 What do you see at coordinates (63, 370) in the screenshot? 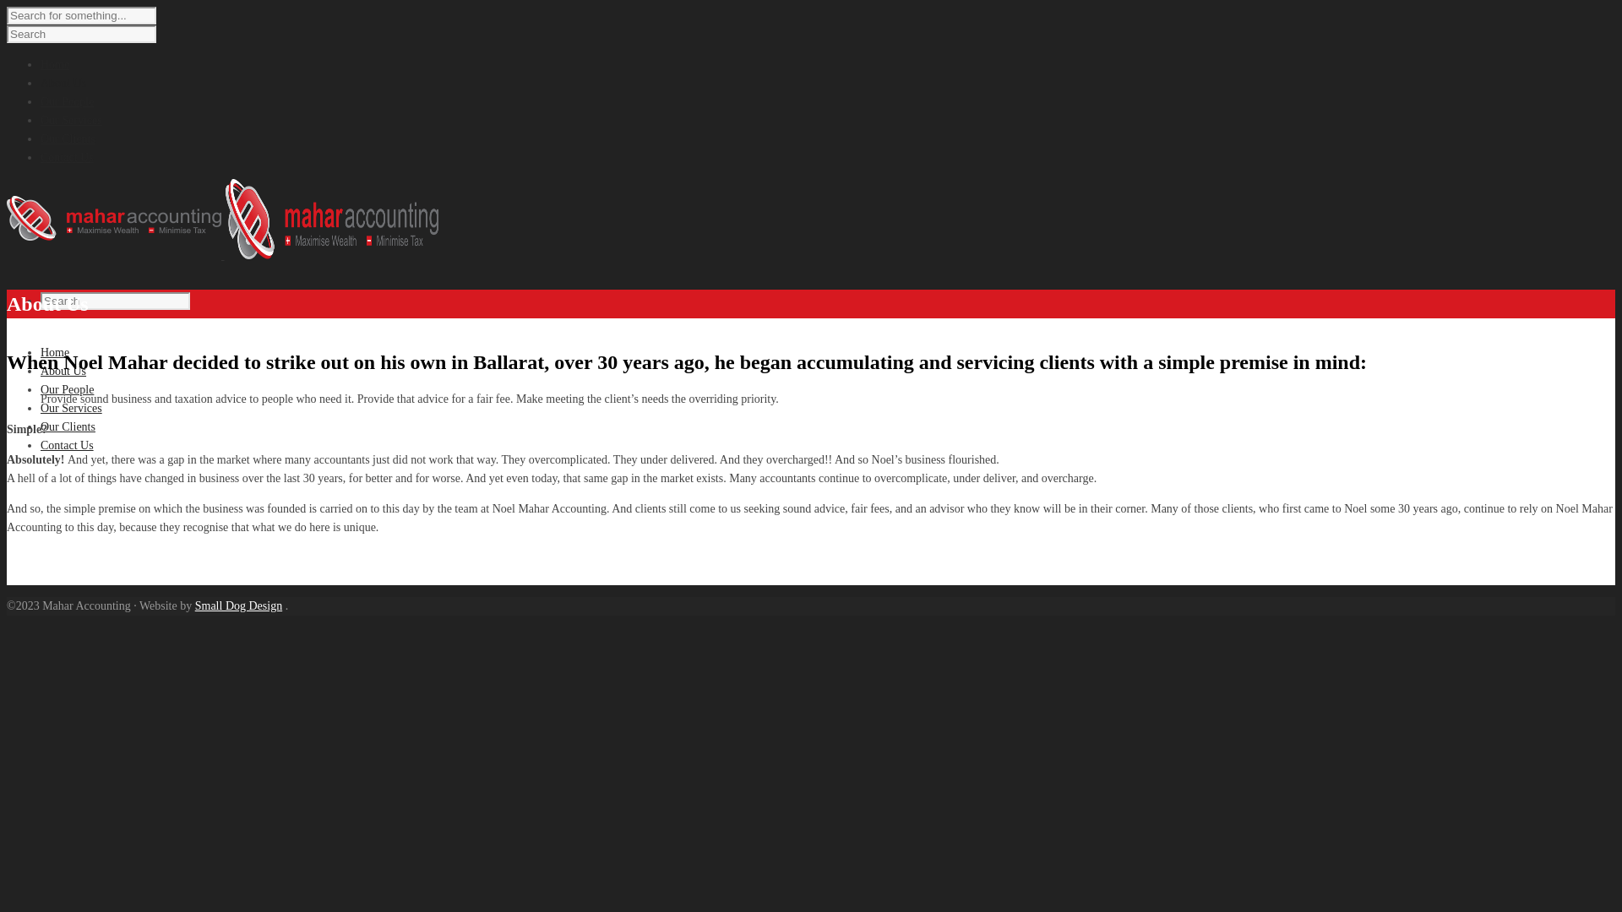
I see `'About Us'` at bounding box center [63, 370].